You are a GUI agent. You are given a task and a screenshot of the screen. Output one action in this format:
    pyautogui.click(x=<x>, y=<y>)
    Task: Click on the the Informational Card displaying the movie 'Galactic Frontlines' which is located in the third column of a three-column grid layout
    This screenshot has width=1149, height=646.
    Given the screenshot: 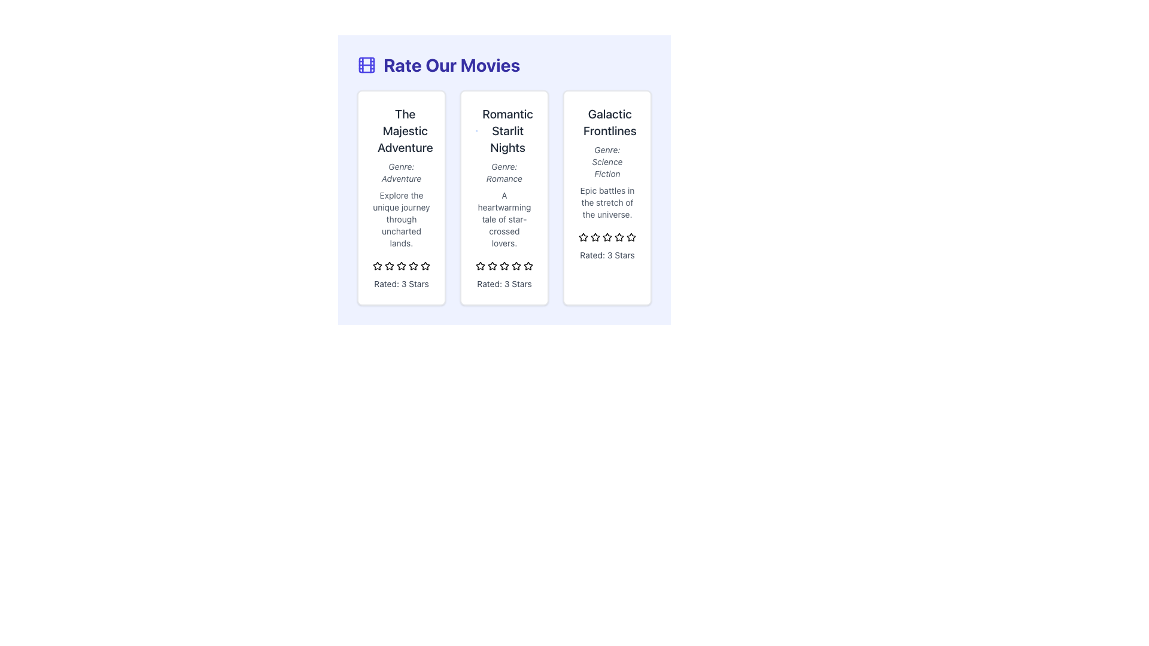 What is the action you would take?
    pyautogui.click(x=607, y=197)
    